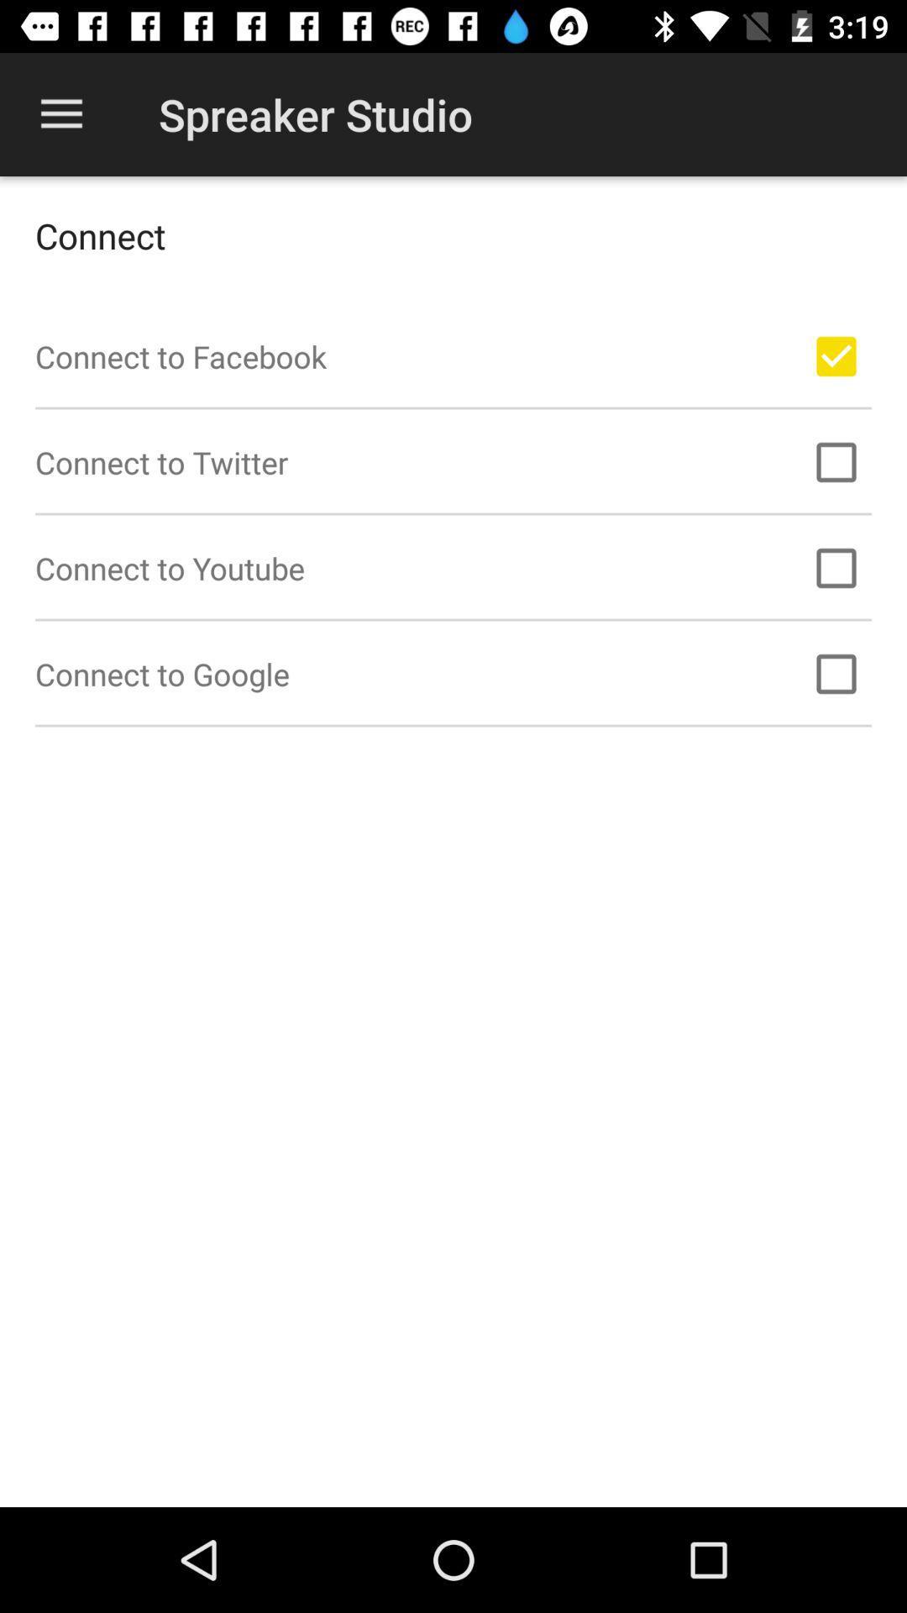 This screenshot has height=1613, width=907. I want to click on option, so click(836, 462).